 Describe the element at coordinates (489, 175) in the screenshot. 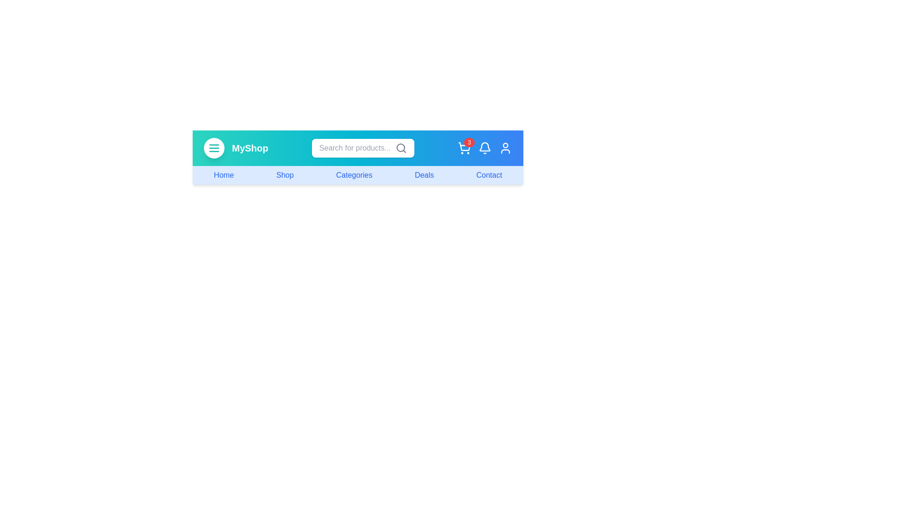

I see `the navigation link labeled Contact to navigate to the corresponding section` at that location.